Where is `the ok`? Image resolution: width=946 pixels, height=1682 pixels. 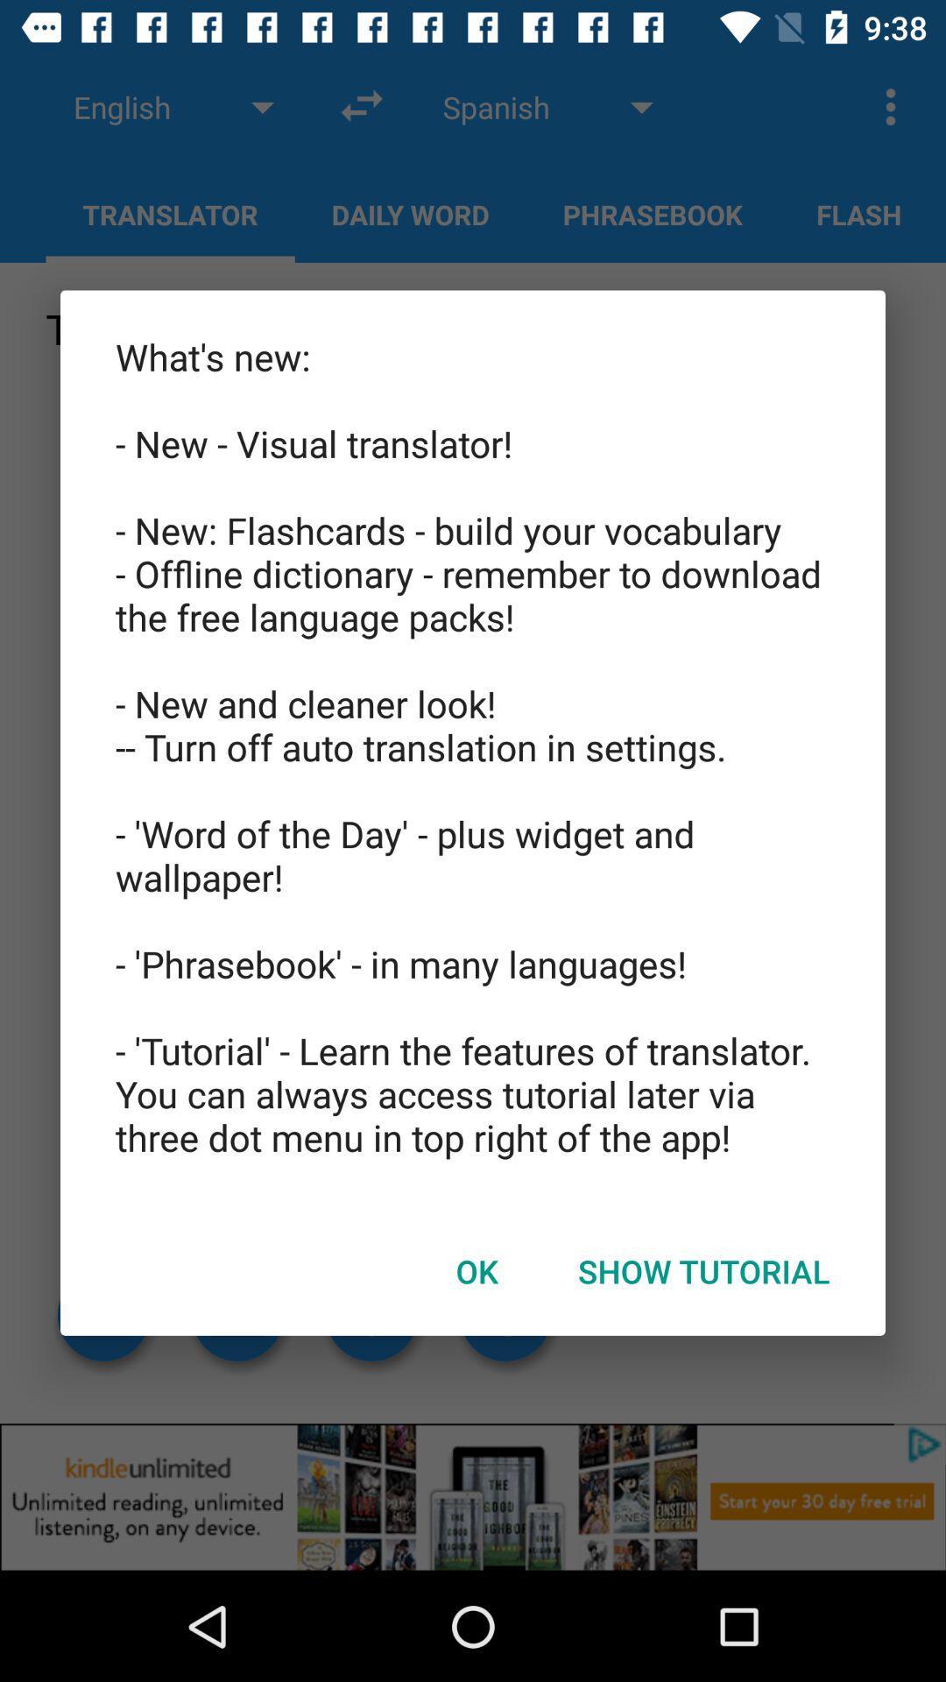
the ok is located at coordinates (477, 1271).